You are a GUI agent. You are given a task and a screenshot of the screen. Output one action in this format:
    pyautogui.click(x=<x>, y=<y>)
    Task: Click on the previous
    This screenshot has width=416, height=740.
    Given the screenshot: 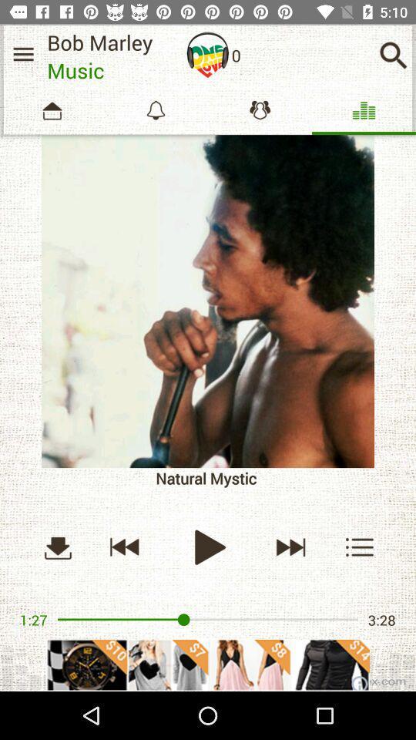 What is the action you would take?
    pyautogui.click(x=124, y=547)
    